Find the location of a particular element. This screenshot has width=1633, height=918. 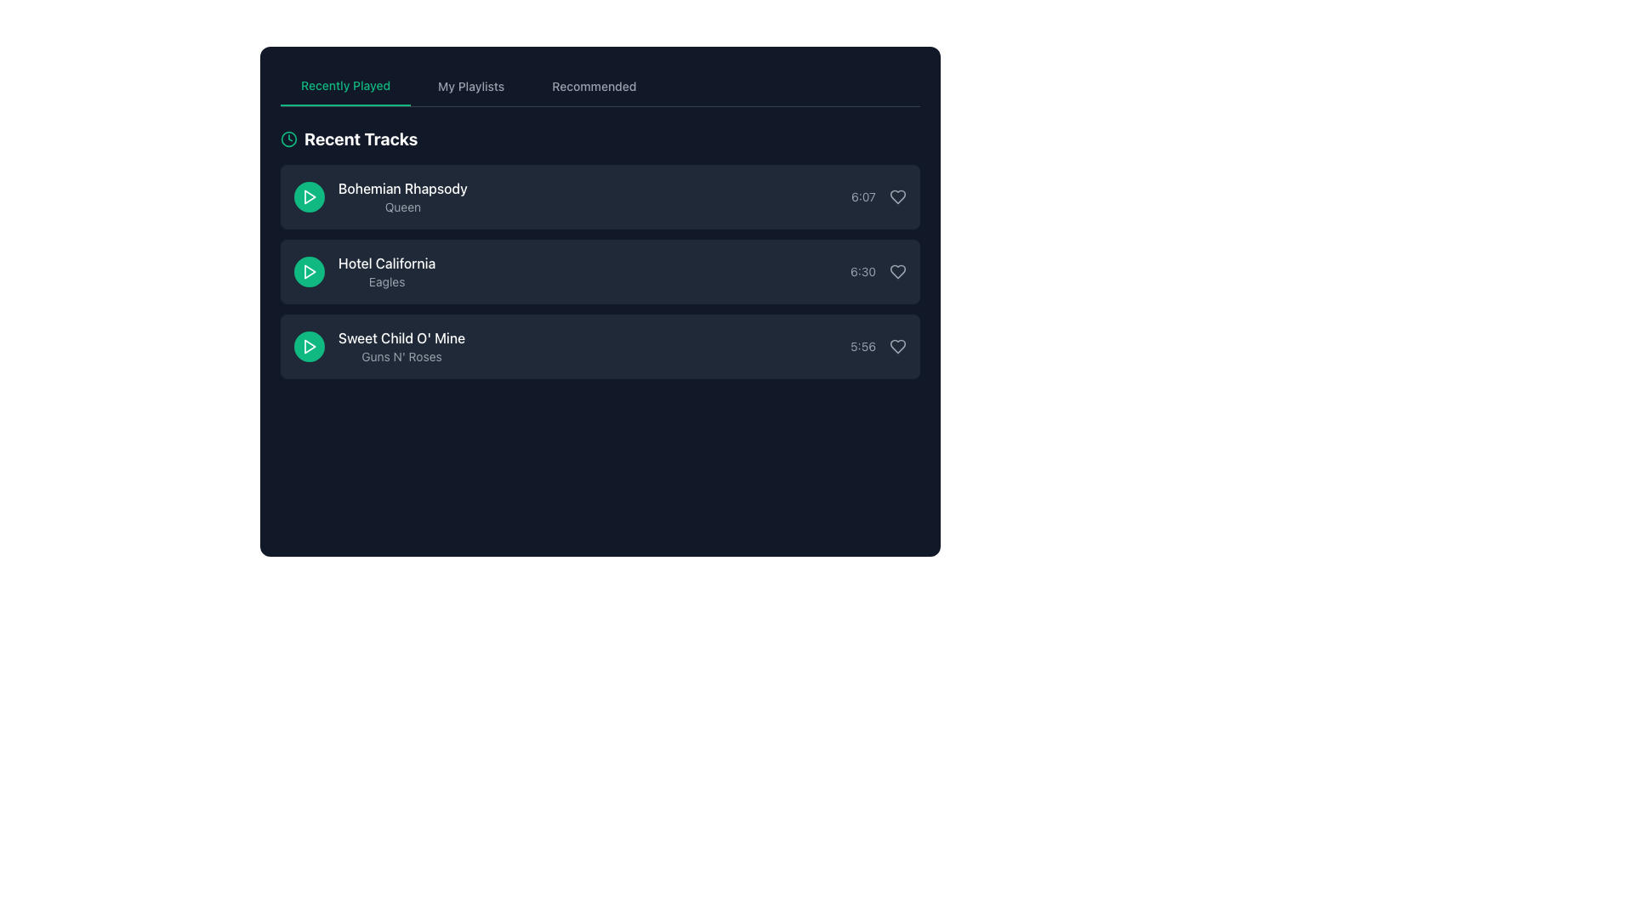

the text label displaying '6:30' which is positioned to the left of a heart icon in the Recent Tracks list is located at coordinates (862, 271).